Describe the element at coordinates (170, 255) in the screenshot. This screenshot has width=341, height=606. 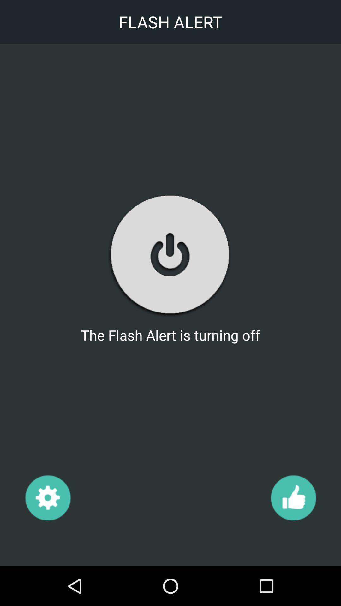
I see `the item below the flash alert icon` at that location.